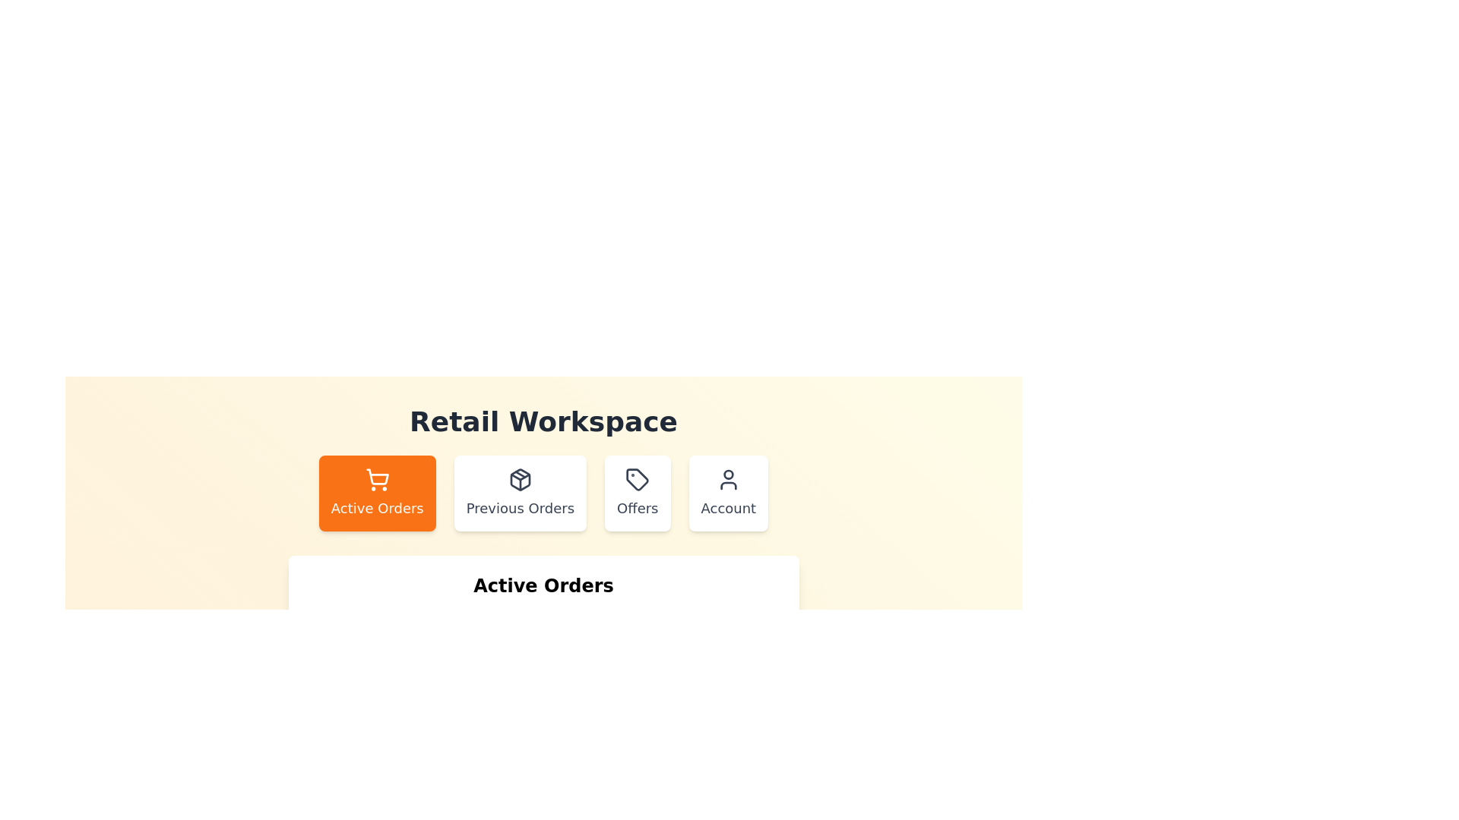 The image size is (1459, 820). I want to click on the Active Orders tab to observe its visual change, so click(377, 494).